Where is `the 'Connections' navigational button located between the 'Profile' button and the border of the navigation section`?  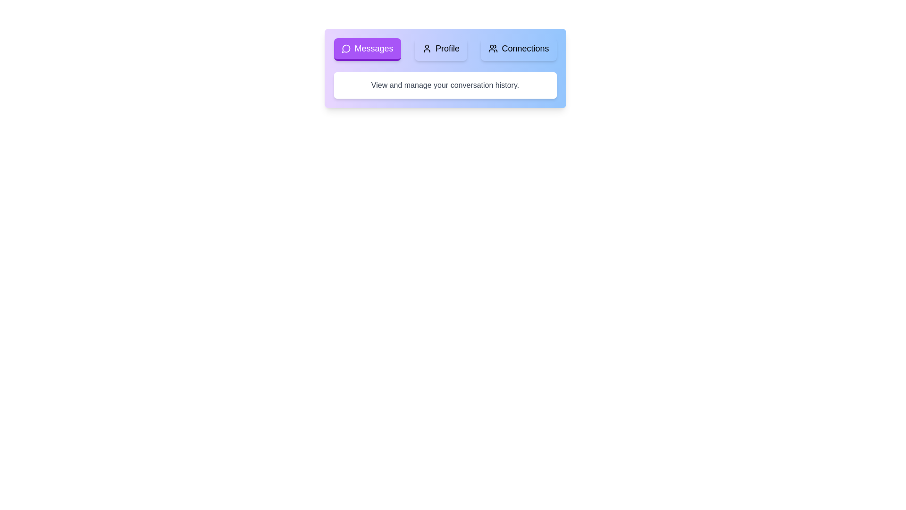 the 'Connections' navigational button located between the 'Profile' button and the border of the navigation section is located at coordinates (518, 49).